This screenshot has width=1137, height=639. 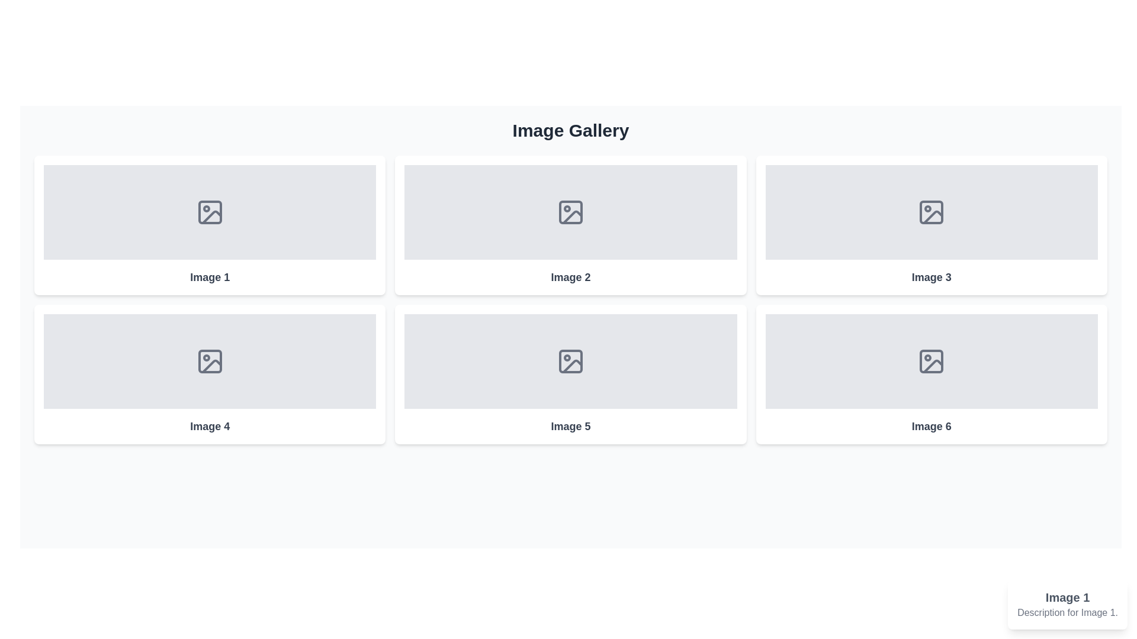 What do you see at coordinates (931, 360) in the screenshot?
I see `the small decorative SVG rectangle with rounded corners located in the upper-left of the image placeholder icon within the sixth item of the grid` at bounding box center [931, 360].